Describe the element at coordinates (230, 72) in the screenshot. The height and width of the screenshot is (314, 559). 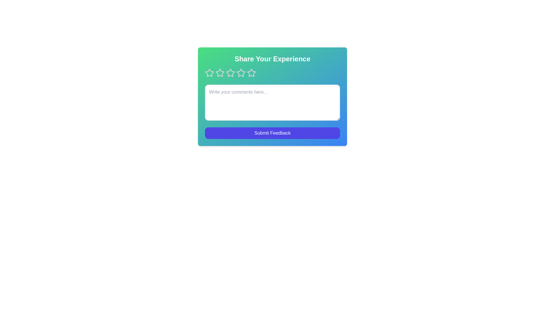
I see `the star corresponding to 3 stars to preview the rating` at that location.